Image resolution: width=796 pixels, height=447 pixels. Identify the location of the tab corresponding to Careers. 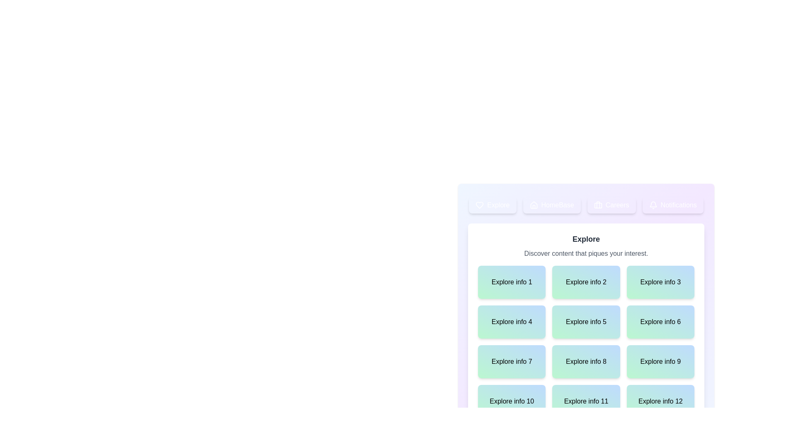
(612, 205).